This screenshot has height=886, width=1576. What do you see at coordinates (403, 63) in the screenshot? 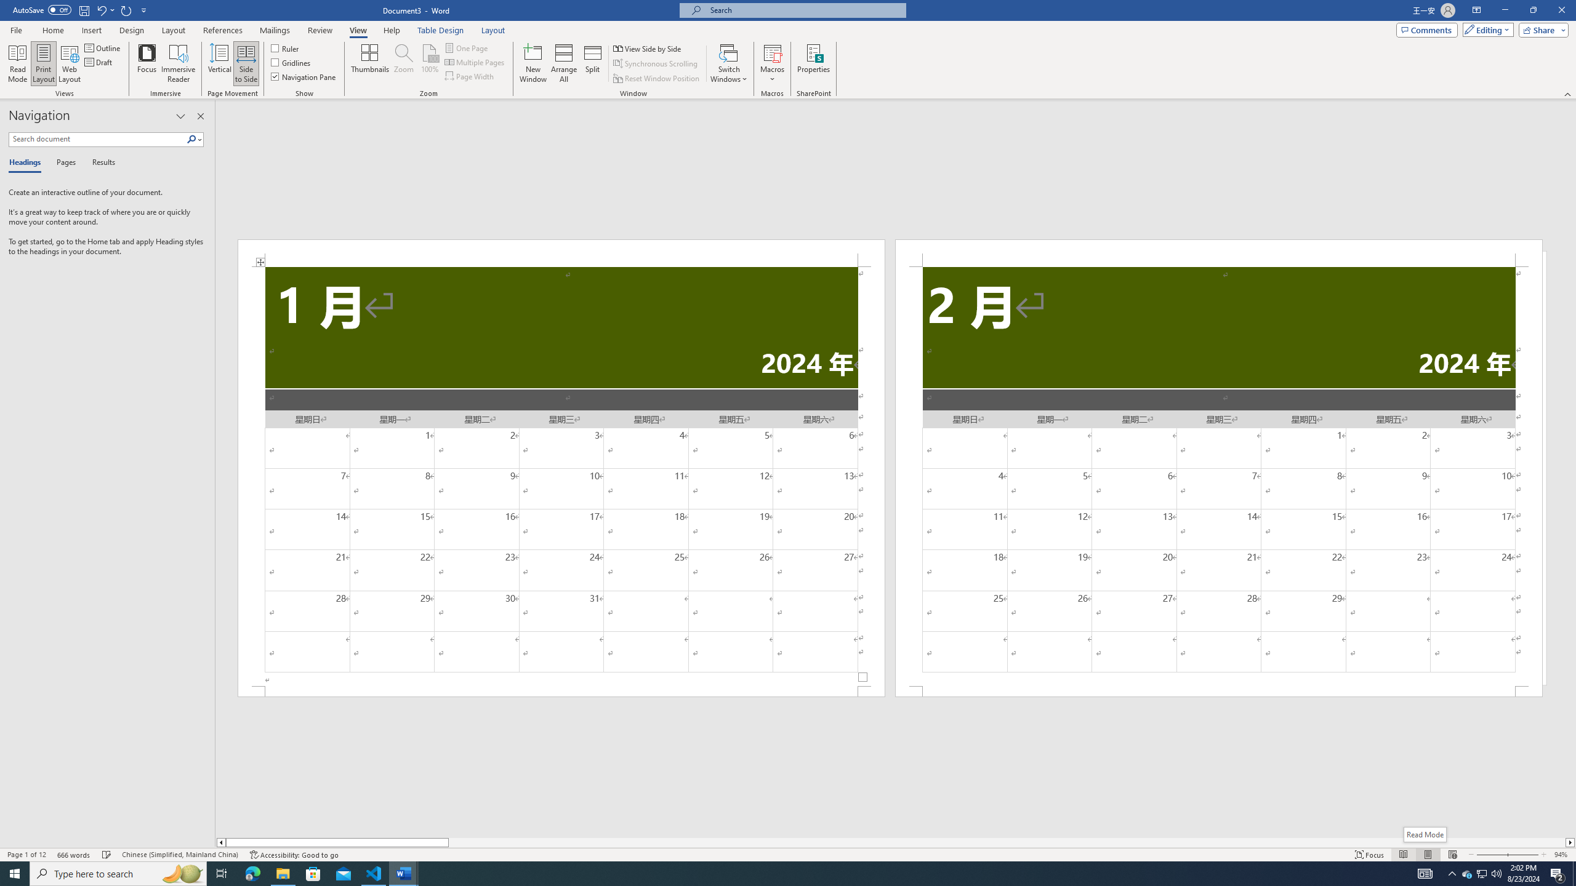
I see `'Zoom...'` at bounding box center [403, 63].